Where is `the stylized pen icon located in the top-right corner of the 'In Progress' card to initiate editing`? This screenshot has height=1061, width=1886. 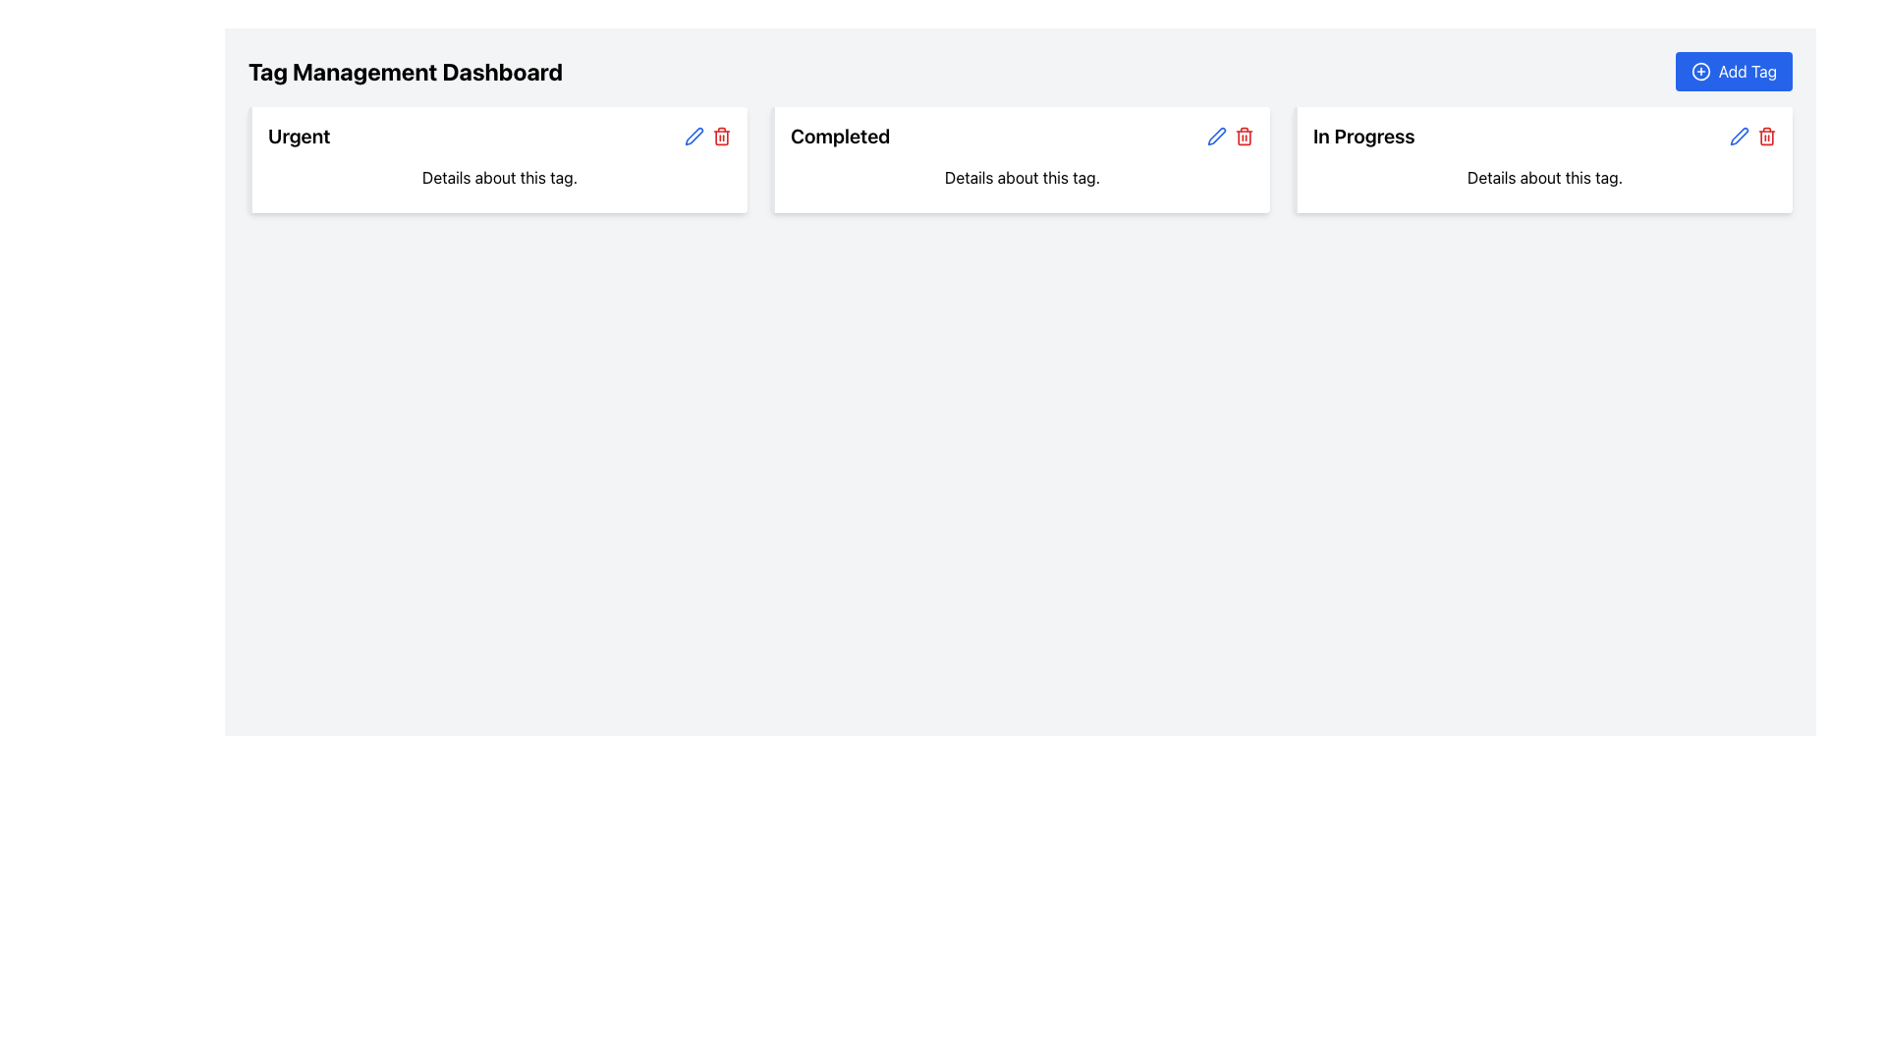
the stylized pen icon located in the top-right corner of the 'In Progress' card to initiate editing is located at coordinates (1740, 135).